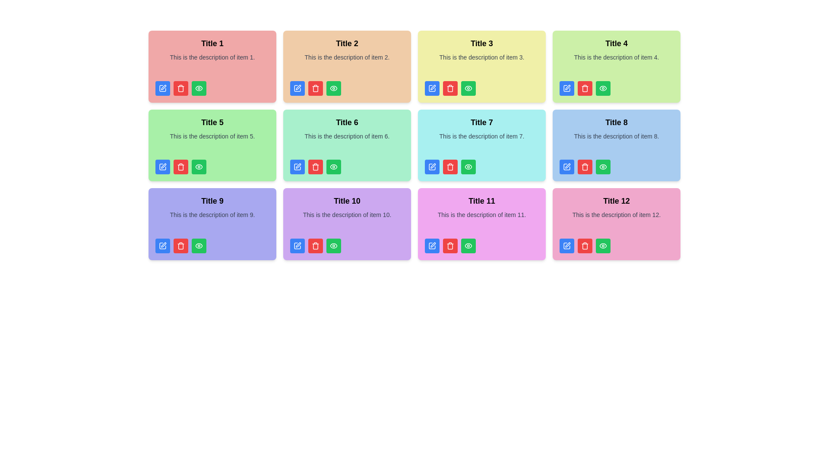  Describe the element at coordinates (180, 167) in the screenshot. I see `the red rounded rectangular delete button with a trash bin icon, located in the middle of three buttons at the bottom-left corner of the 'Title 5' item card` at that location.